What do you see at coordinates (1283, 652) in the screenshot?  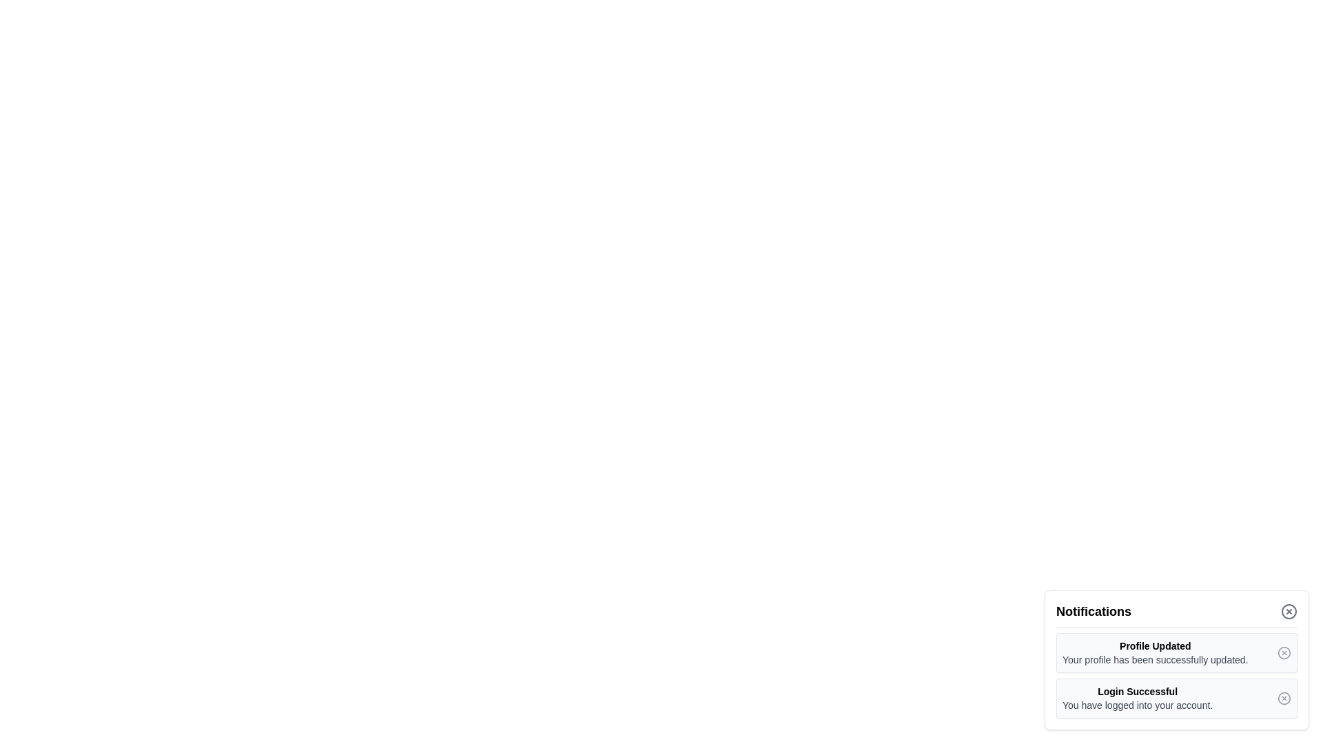 I see `the dismiss button located in the upper-right corner of the 'Profile Updated.' notification card to close the notification` at bounding box center [1283, 652].